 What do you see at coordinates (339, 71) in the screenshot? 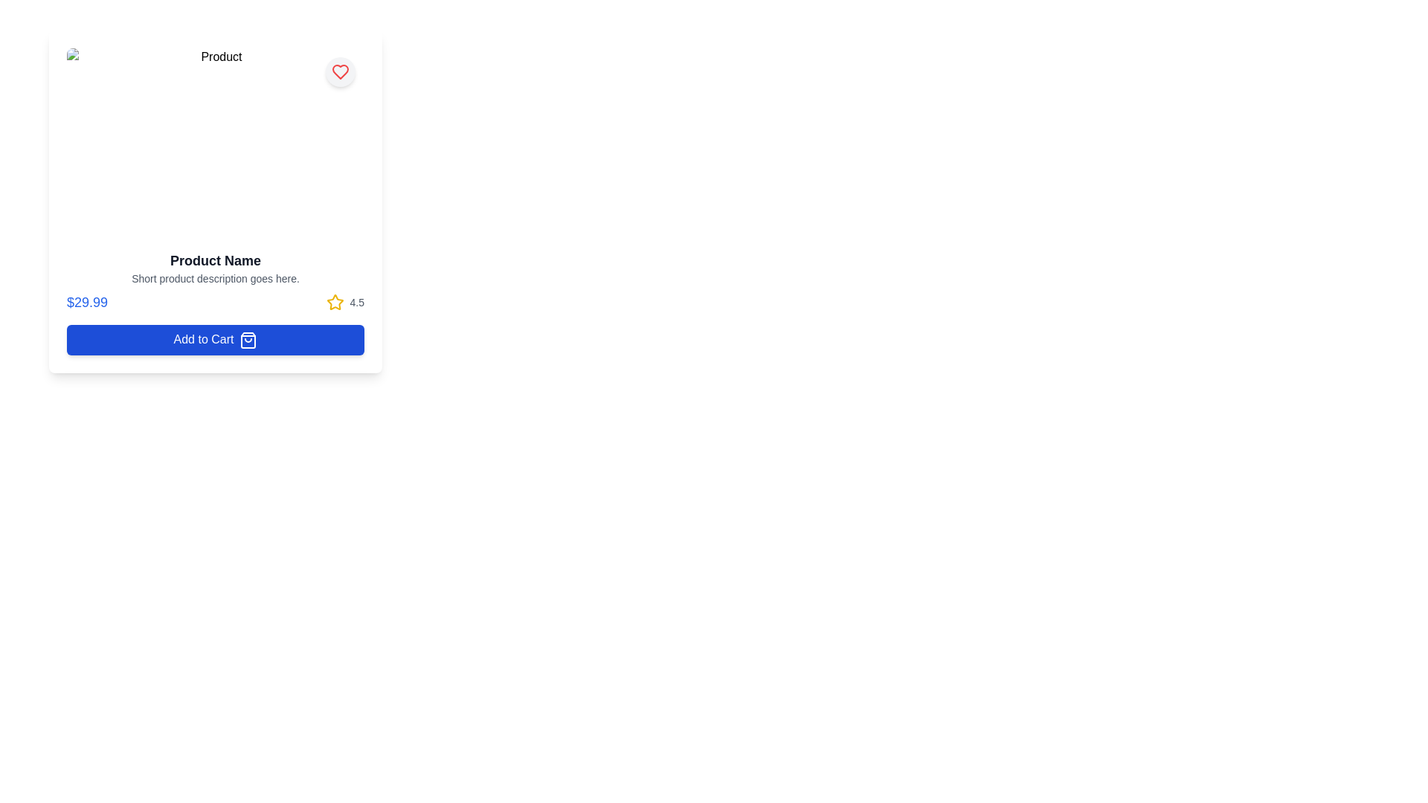
I see `the heart icon located in the upper-right corner of the card layout, which is styled with a simple outline design and contained within a light gray circular background` at bounding box center [339, 71].